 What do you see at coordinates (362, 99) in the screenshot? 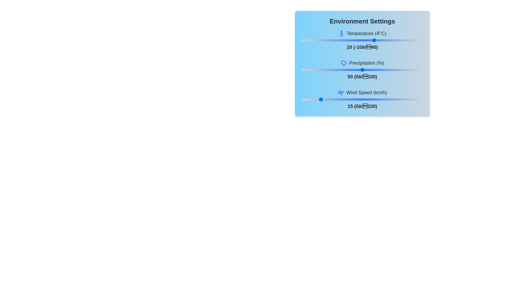
I see `the third slider in the 'Environment Settings' panel, located below 'Wind Speed (km/h)' and above '15 (0–100)'` at bounding box center [362, 99].